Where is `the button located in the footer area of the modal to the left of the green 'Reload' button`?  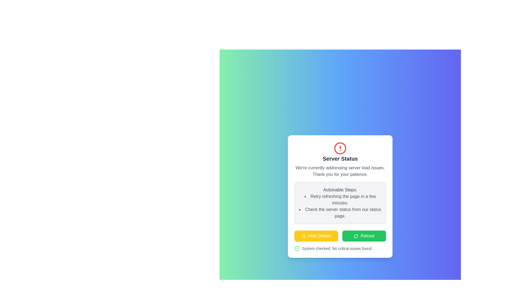 the button located in the footer area of the modal to the left of the green 'Reload' button is located at coordinates (316, 236).